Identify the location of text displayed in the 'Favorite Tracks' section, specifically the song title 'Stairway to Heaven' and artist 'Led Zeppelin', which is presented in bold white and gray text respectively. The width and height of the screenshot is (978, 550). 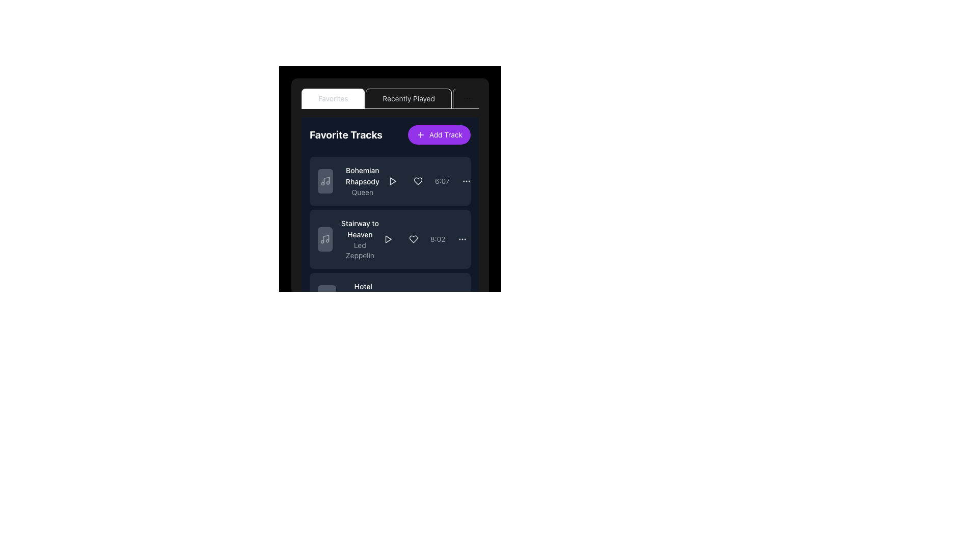
(360, 239).